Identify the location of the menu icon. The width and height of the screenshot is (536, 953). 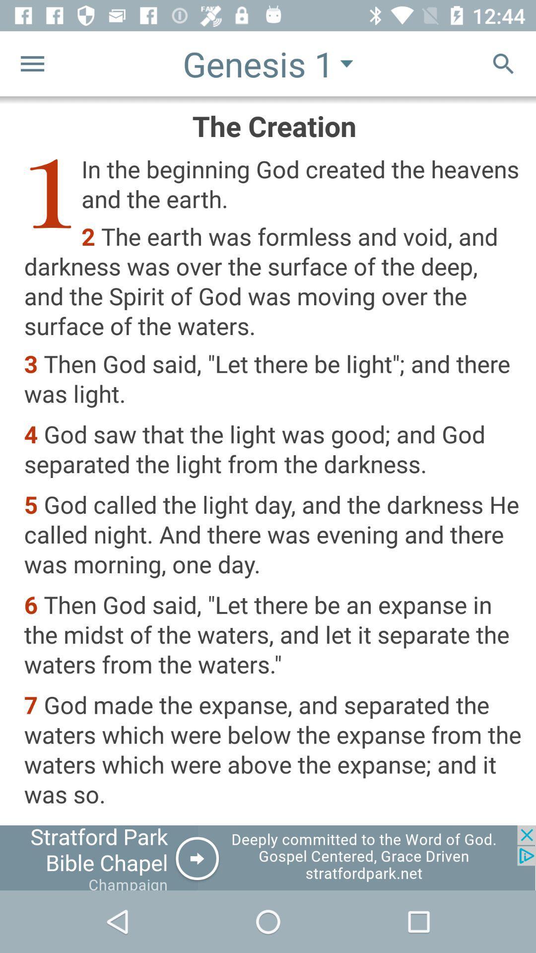
(32, 63).